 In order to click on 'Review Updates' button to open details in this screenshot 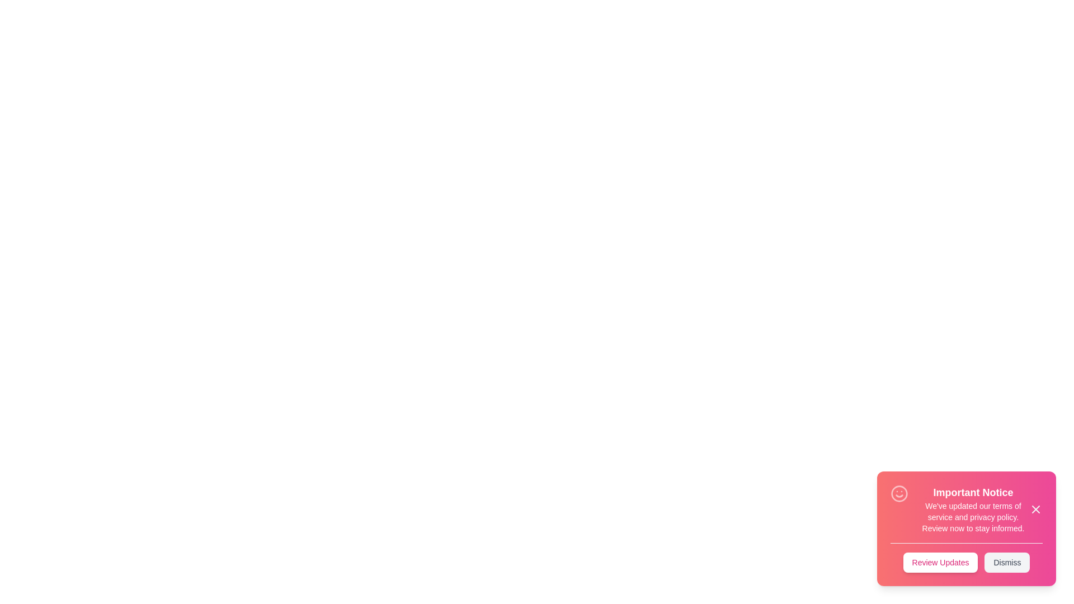, I will do `click(940, 563)`.